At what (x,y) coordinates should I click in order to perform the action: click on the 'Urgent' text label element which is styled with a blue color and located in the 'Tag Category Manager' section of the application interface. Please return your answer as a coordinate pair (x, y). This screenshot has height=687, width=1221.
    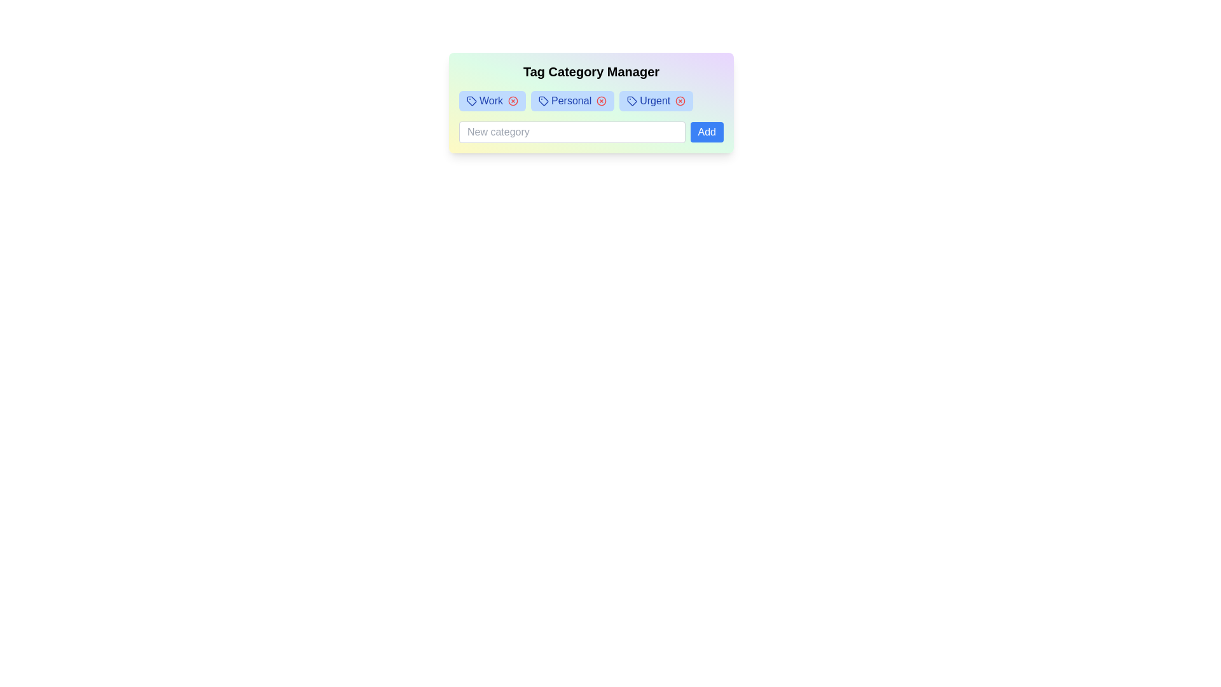
    Looking at the image, I should click on (655, 100).